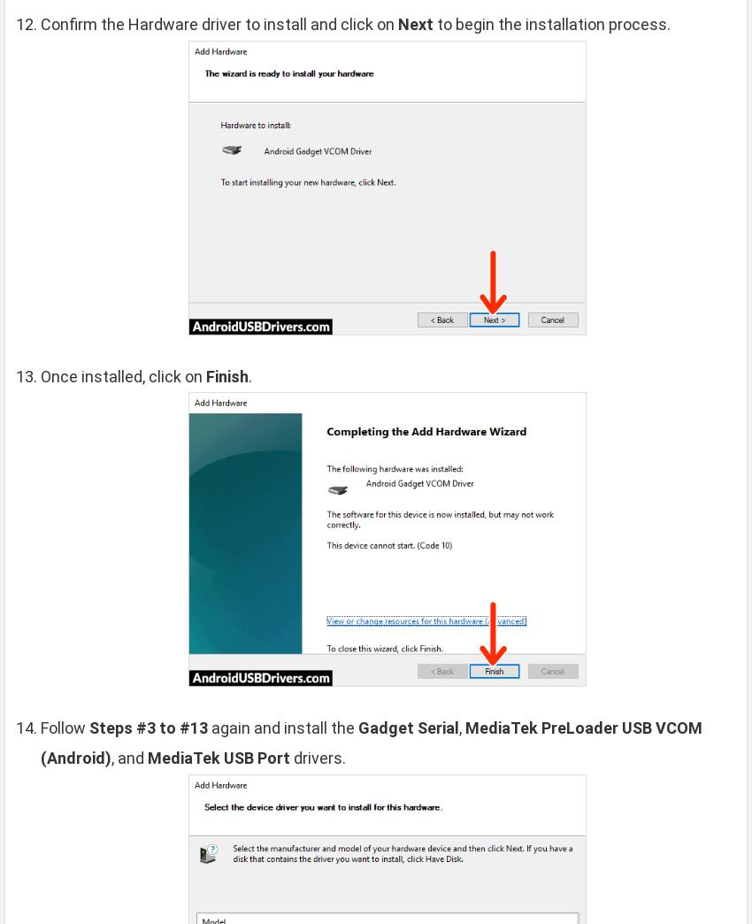 The height and width of the screenshot is (924, 752). Describe the element at coordinates (461, 727) in the screenshot. I see `','` at that location.